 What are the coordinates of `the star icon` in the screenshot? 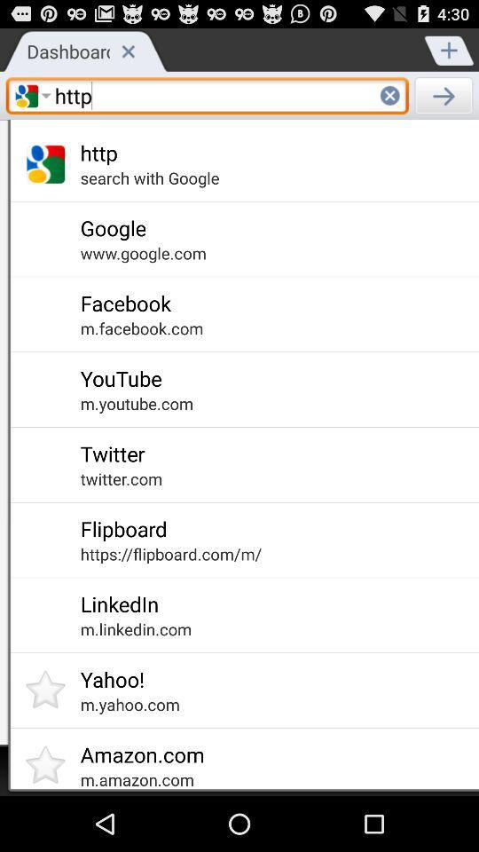 It's located at (48, 824).